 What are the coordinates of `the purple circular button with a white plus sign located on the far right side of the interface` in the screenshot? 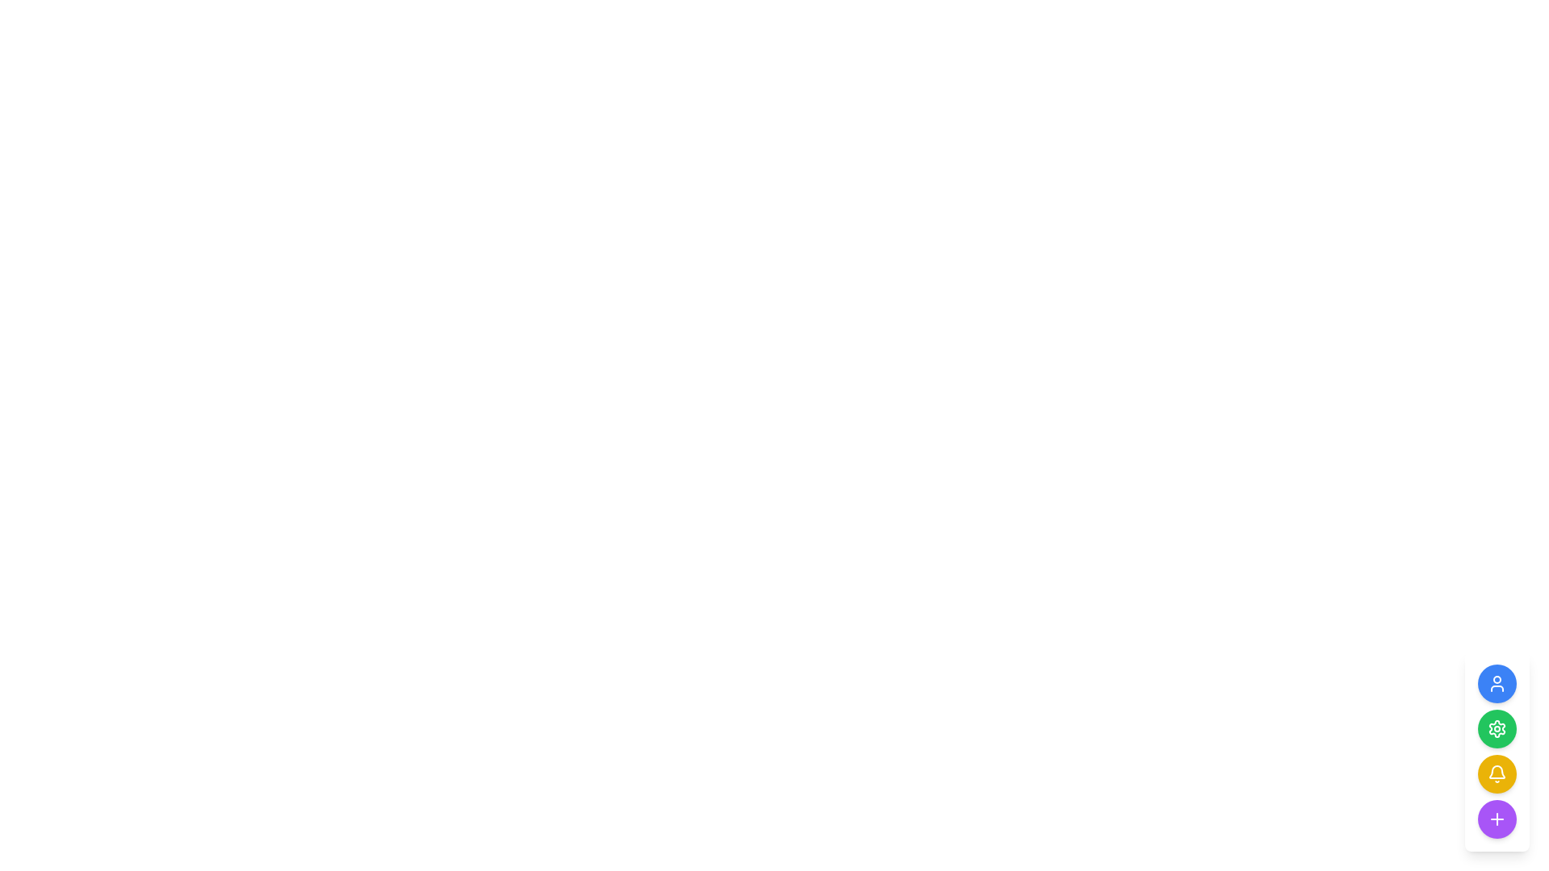 It's located at (1497, 819).